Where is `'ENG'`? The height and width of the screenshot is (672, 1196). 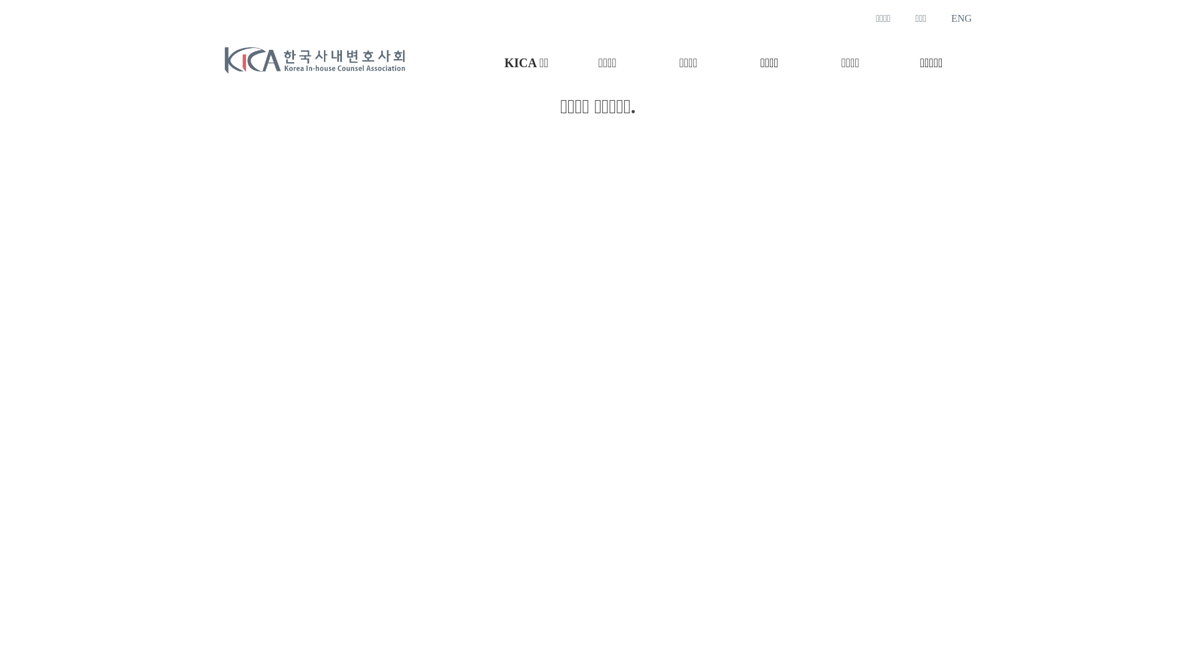 'ENG' is located at coordinates (961, 19).